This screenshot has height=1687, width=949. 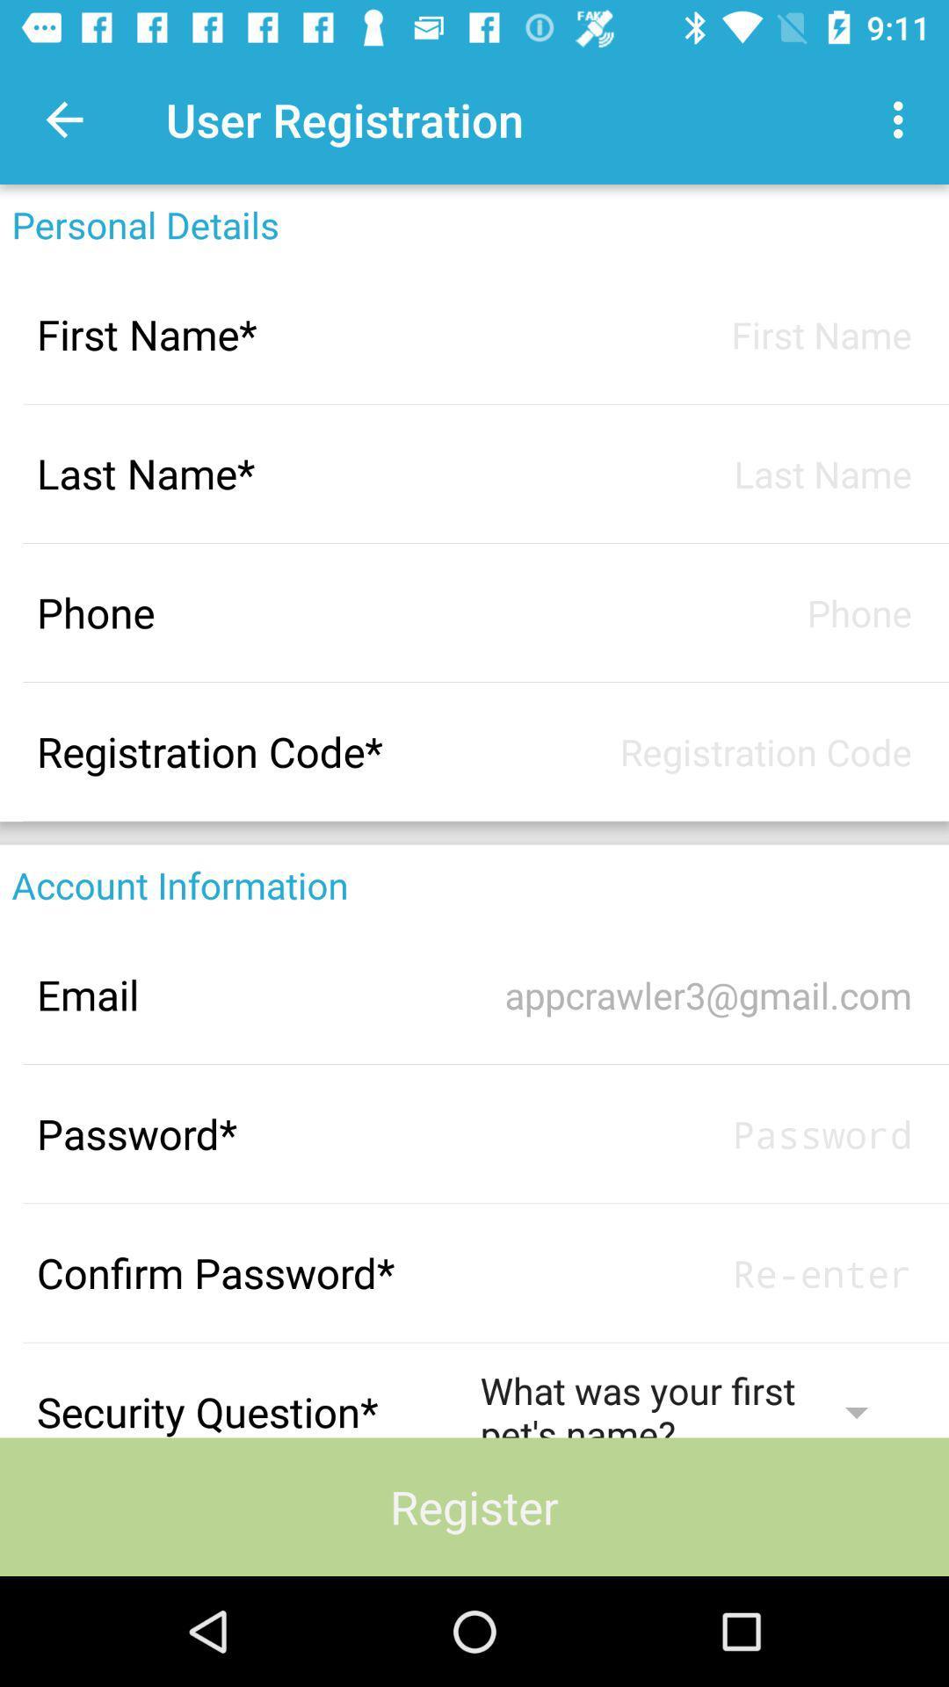 What do you see at coordinates (695, 1273) in the screenshot?
I see `shows password enter box` at bounding box center [695, 1273].